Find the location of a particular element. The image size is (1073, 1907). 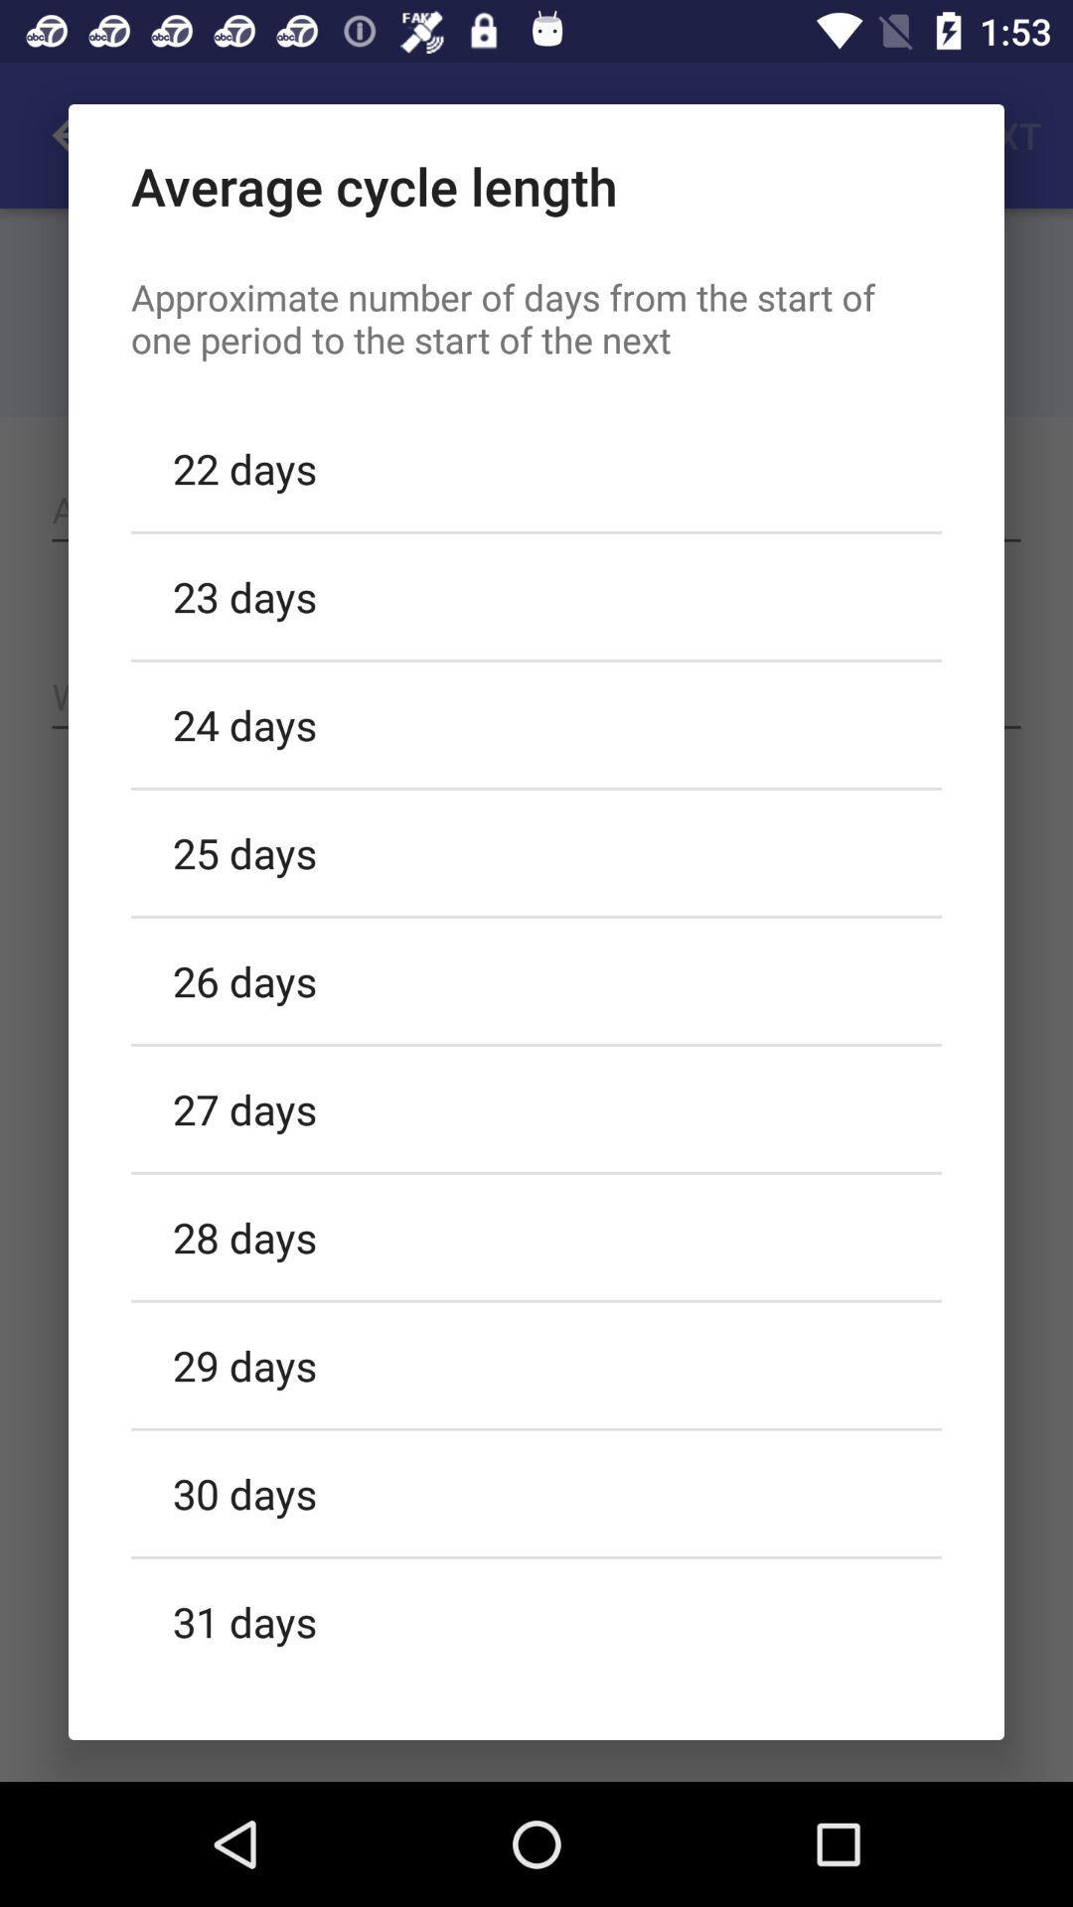

icon above 25 days icon is located at coordinates (536, 723).